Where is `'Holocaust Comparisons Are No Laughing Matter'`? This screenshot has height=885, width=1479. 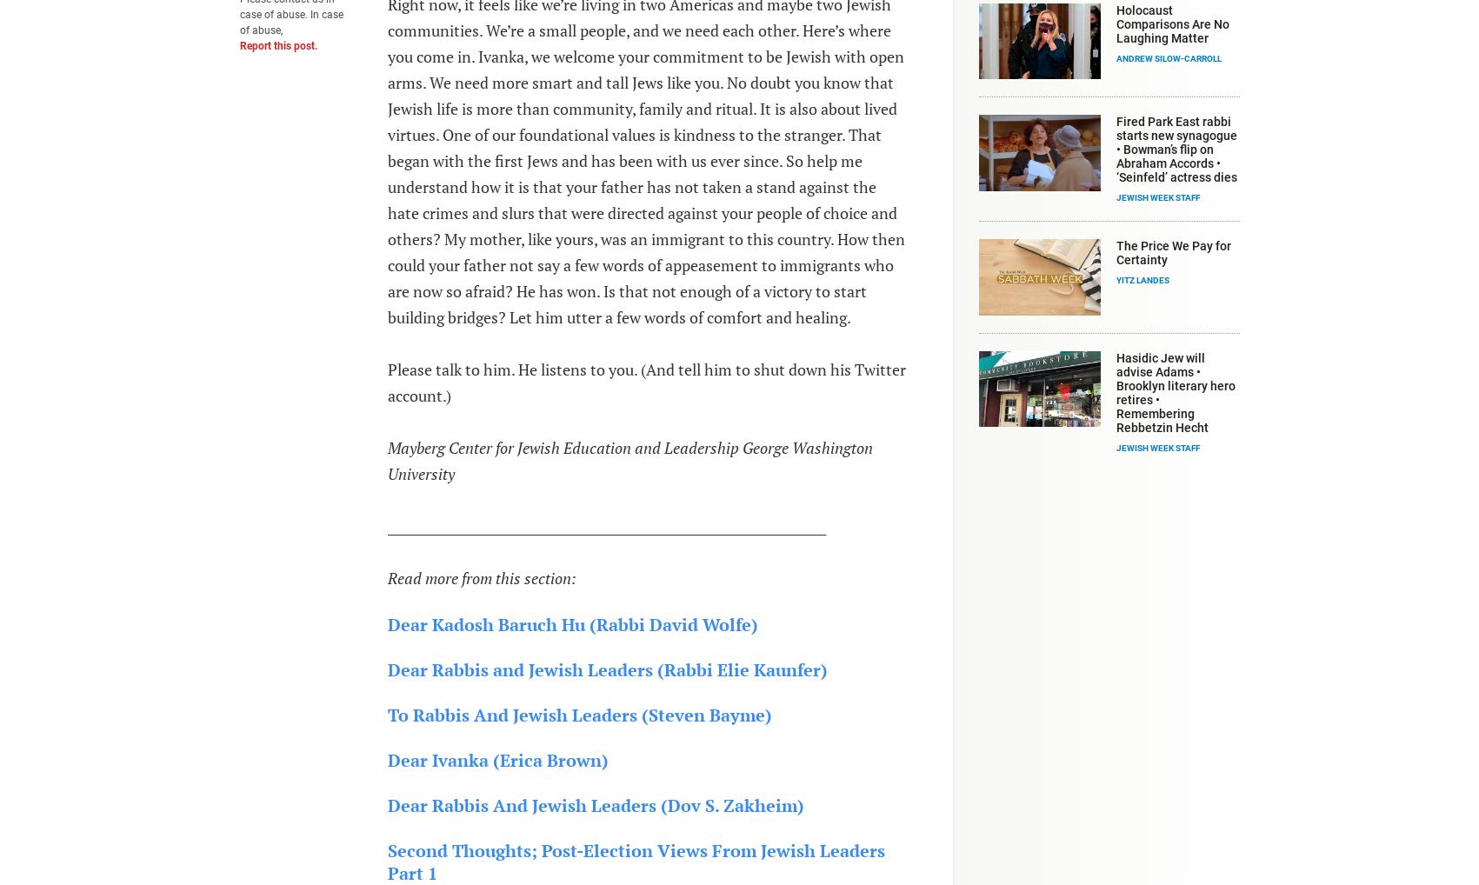 'Holocaust Comparisons Are No Laughing Matter' is located at coordinates (1171, 22).